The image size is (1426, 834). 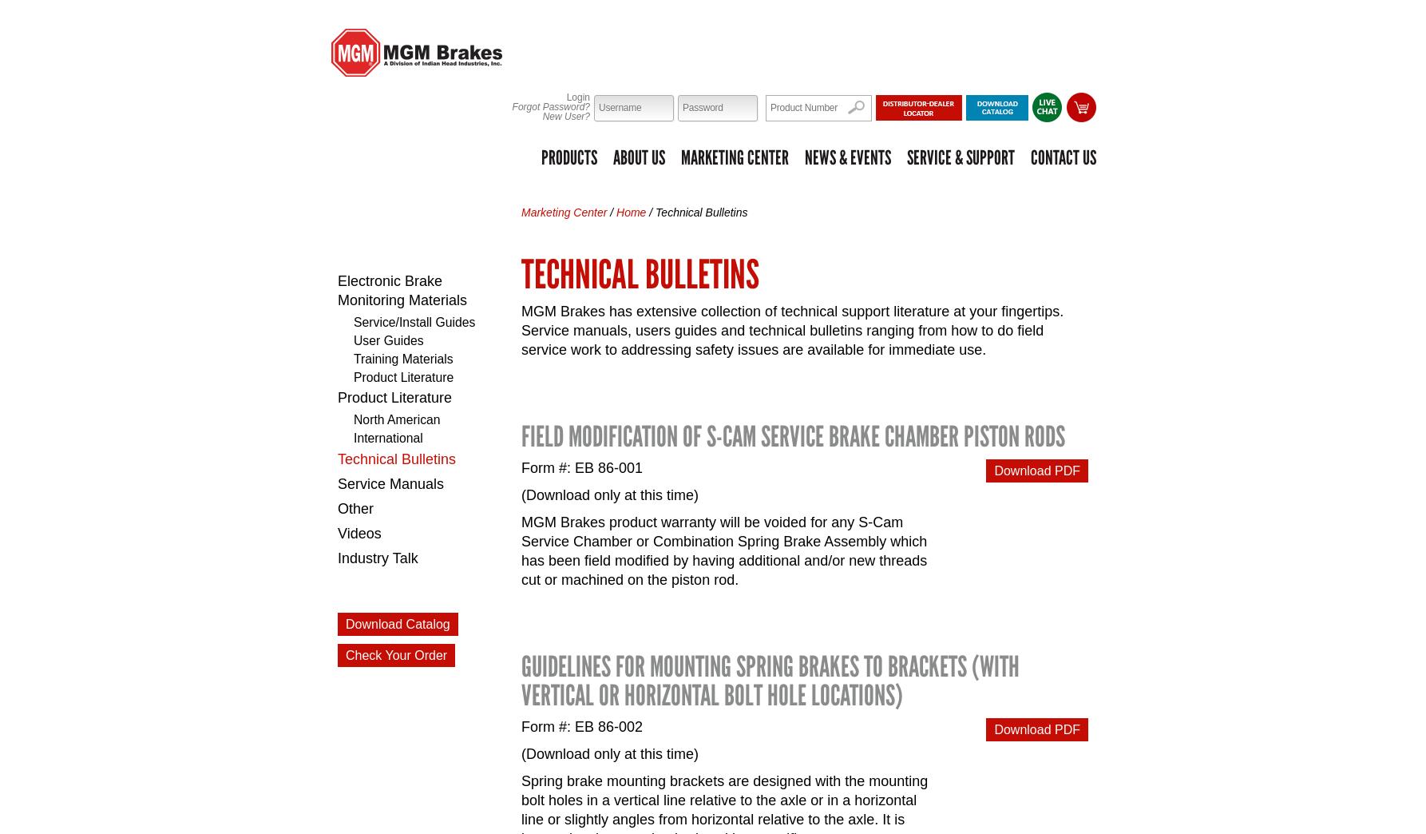 I want to click on 'Training Materials', so click(x=402, y=357).